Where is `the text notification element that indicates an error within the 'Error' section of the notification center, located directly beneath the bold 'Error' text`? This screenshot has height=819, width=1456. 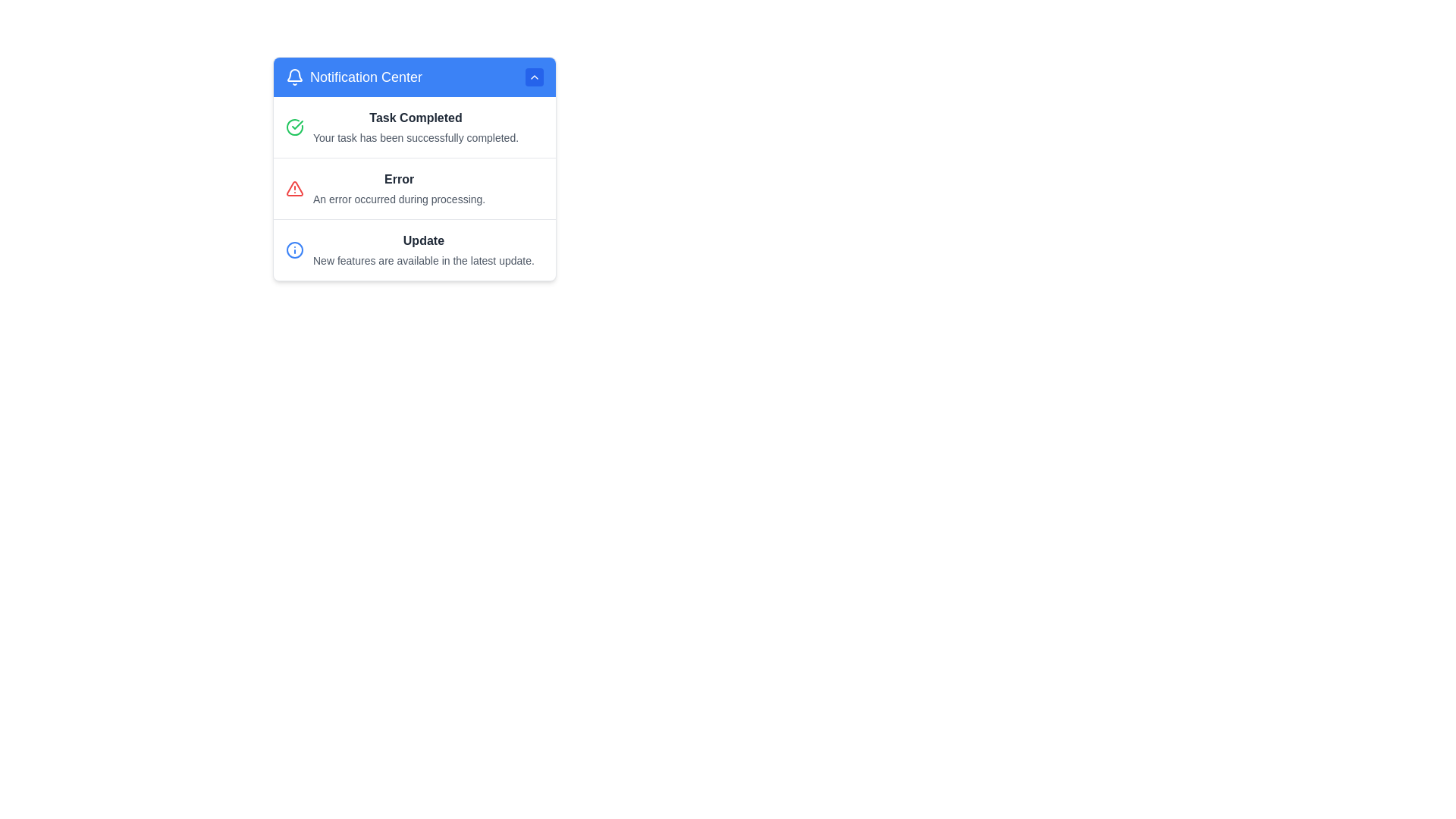 the text notification element that indicates an error within the 'Error' section of the notification center, located directly beneath the bold 'Error' text is located at coordinates (399, 198).